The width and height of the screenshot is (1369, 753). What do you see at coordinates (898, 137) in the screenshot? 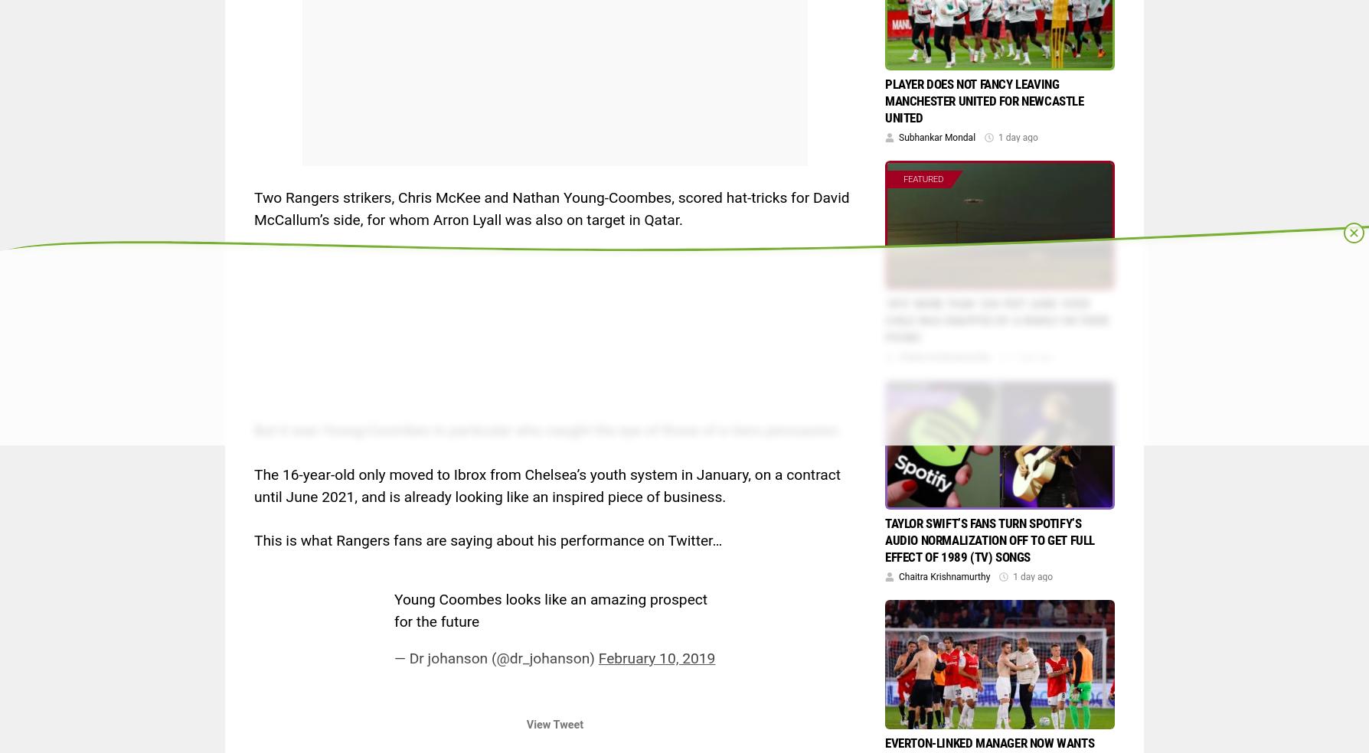
I see `'Subhankar Mondal'` at bounding box center [898, 137].